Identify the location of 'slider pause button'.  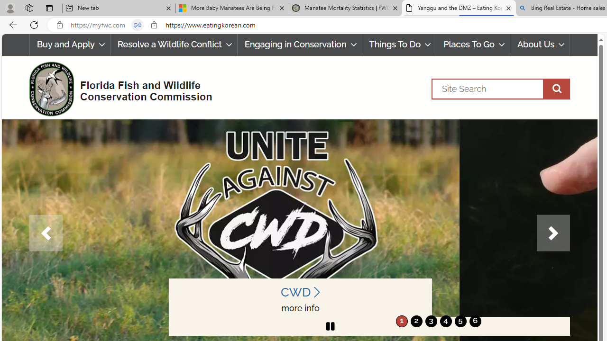
(330, 326).